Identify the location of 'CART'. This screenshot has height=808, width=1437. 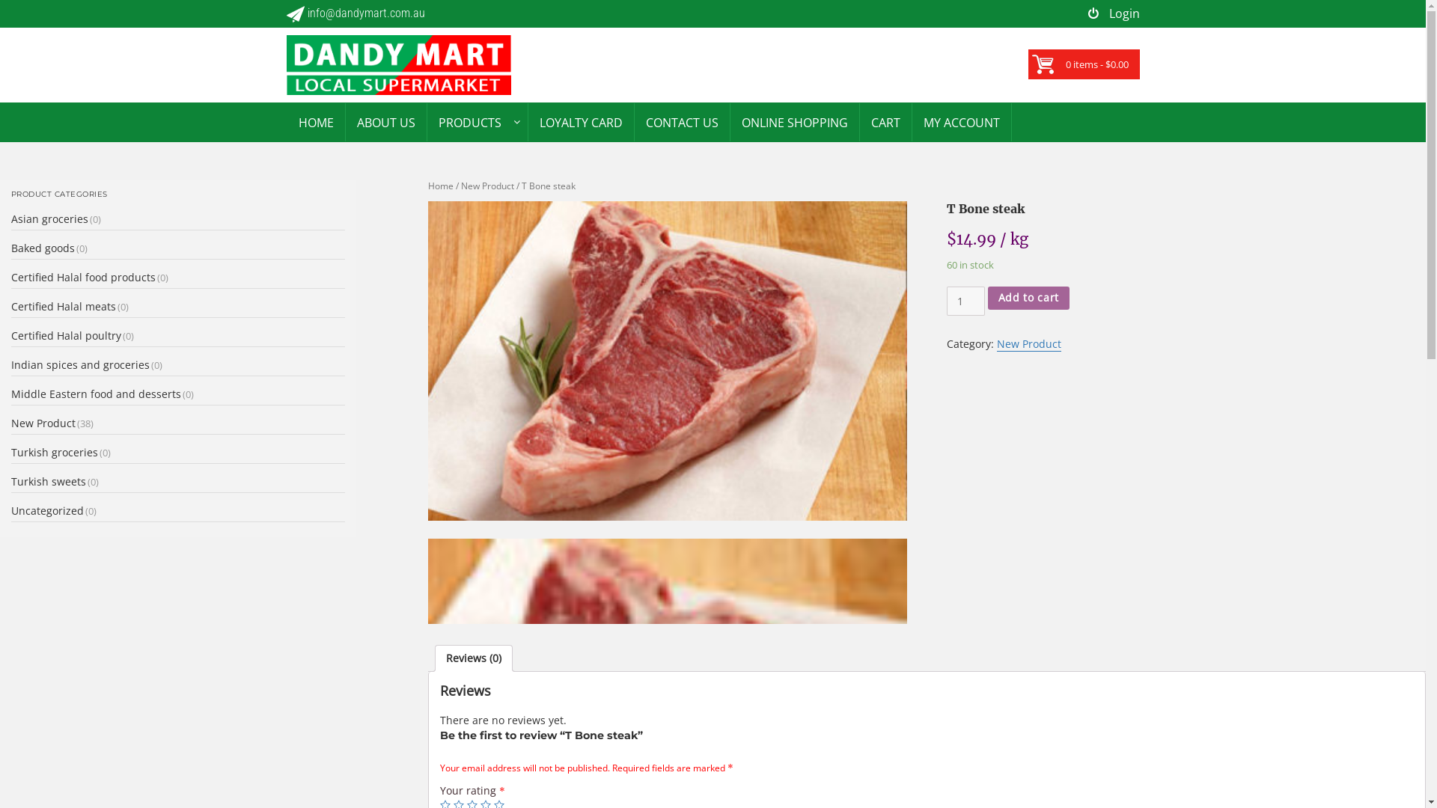
(885, 121).